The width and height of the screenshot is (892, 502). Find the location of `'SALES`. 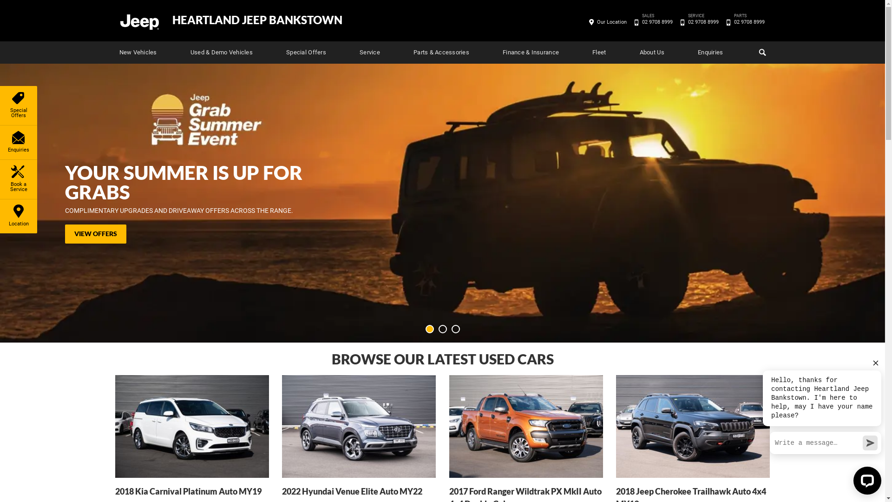

'SALES is located at coordinates (637, 21).